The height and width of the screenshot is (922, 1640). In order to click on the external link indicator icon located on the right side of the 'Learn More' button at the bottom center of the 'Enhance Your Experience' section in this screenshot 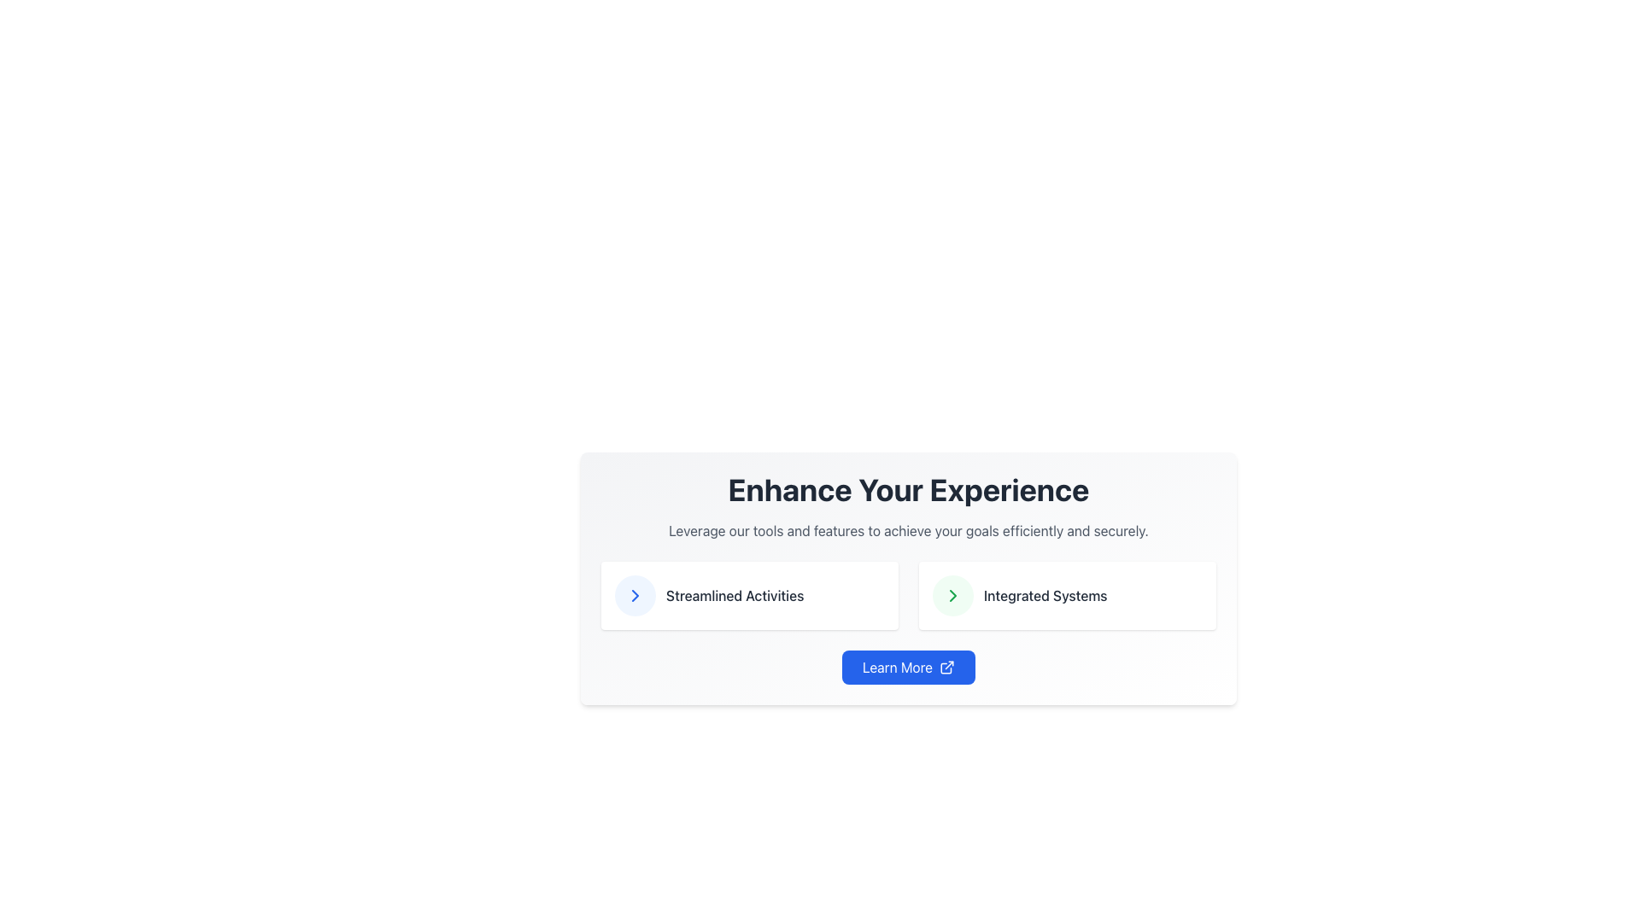, I will do `click(946, 667)`.